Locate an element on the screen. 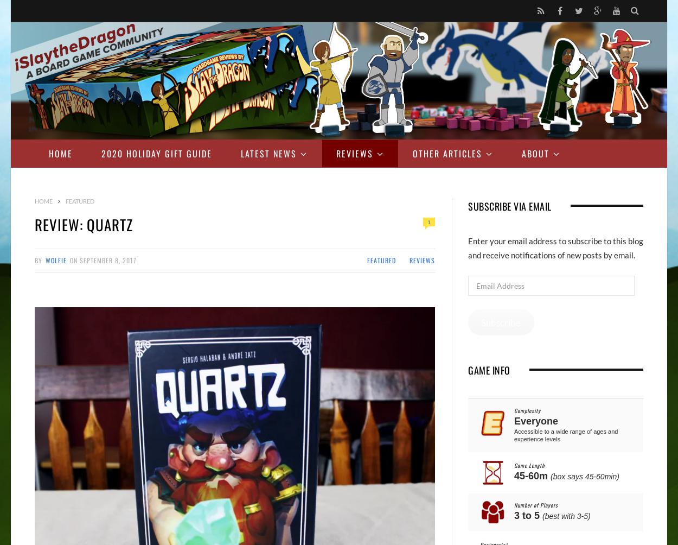 This screenshot has height=545, width=678. 'Game Length' is located at coordinates (529, 465).